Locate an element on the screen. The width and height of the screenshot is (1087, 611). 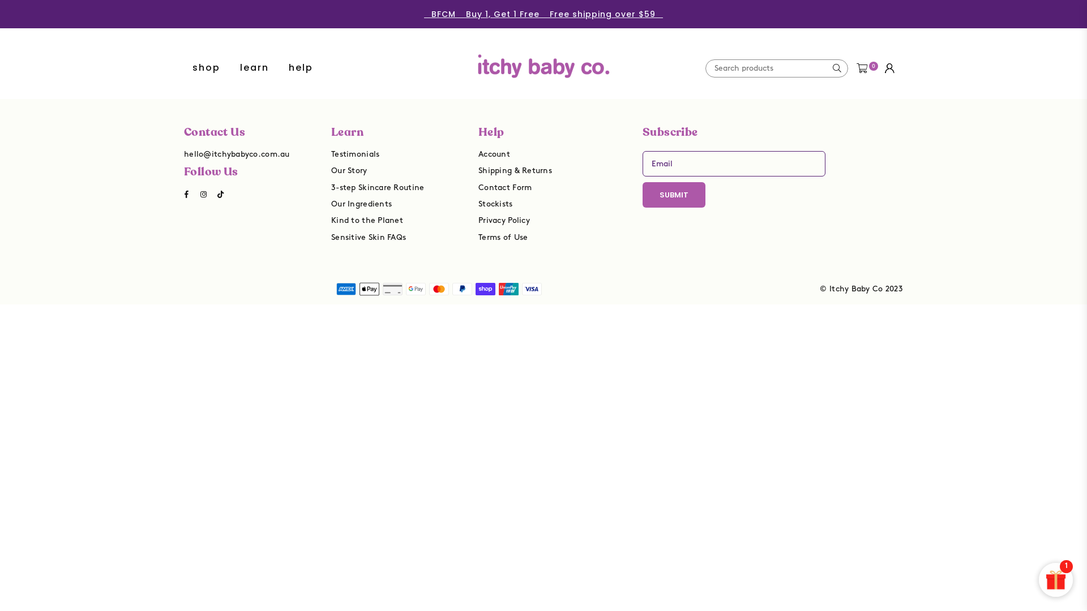
'0' is located at coordinates (861, 68).